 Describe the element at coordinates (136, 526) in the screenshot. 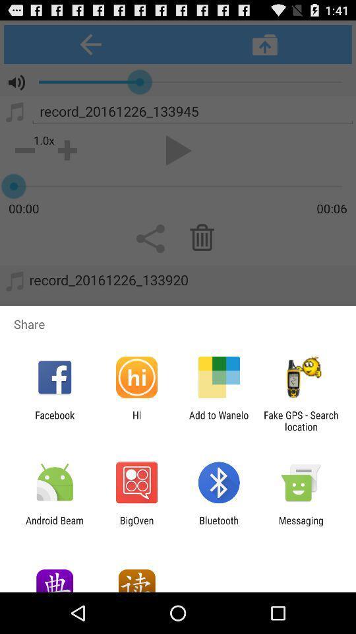

I see `the item next to the bluetooth icon` at that location.